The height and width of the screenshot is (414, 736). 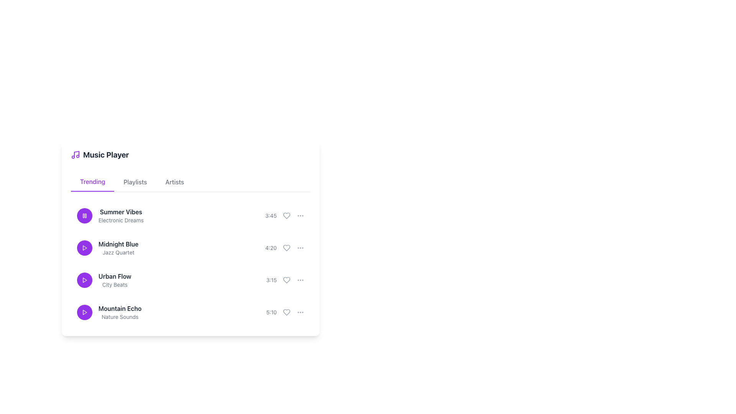 What do you see at coordinates (135, 182) in the screenshot?
I see `to activate the 'Playlists' tab within the horizontal navigation bar, which is the second item labeled 'Playlists' next to 'Trending'` at bounding box center [135, 182].